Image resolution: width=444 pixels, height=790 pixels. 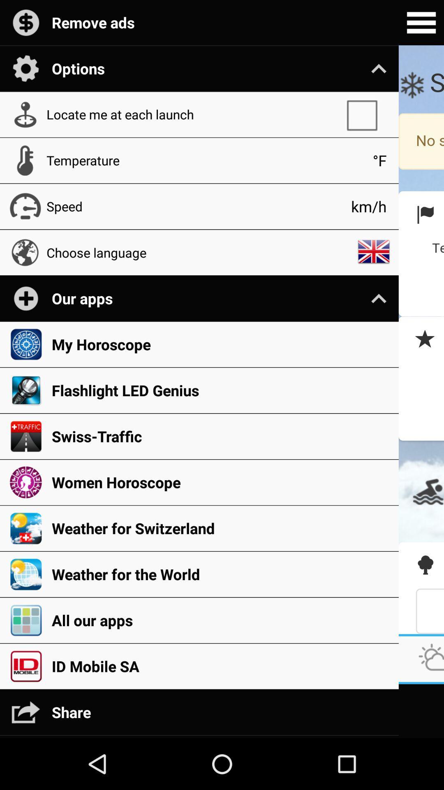 I want to click on switch the location option, so click(x=365, y=114).